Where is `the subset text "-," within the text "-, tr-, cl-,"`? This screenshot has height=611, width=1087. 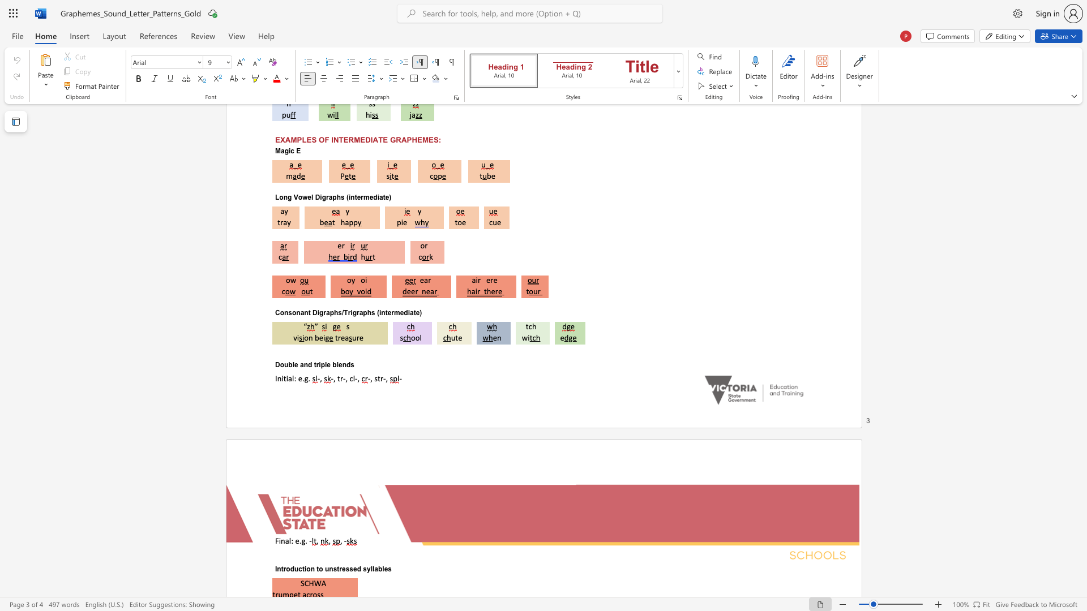
the subset text "-," within the text "-, tr-, cl-," is located at coordinates (330, 378).